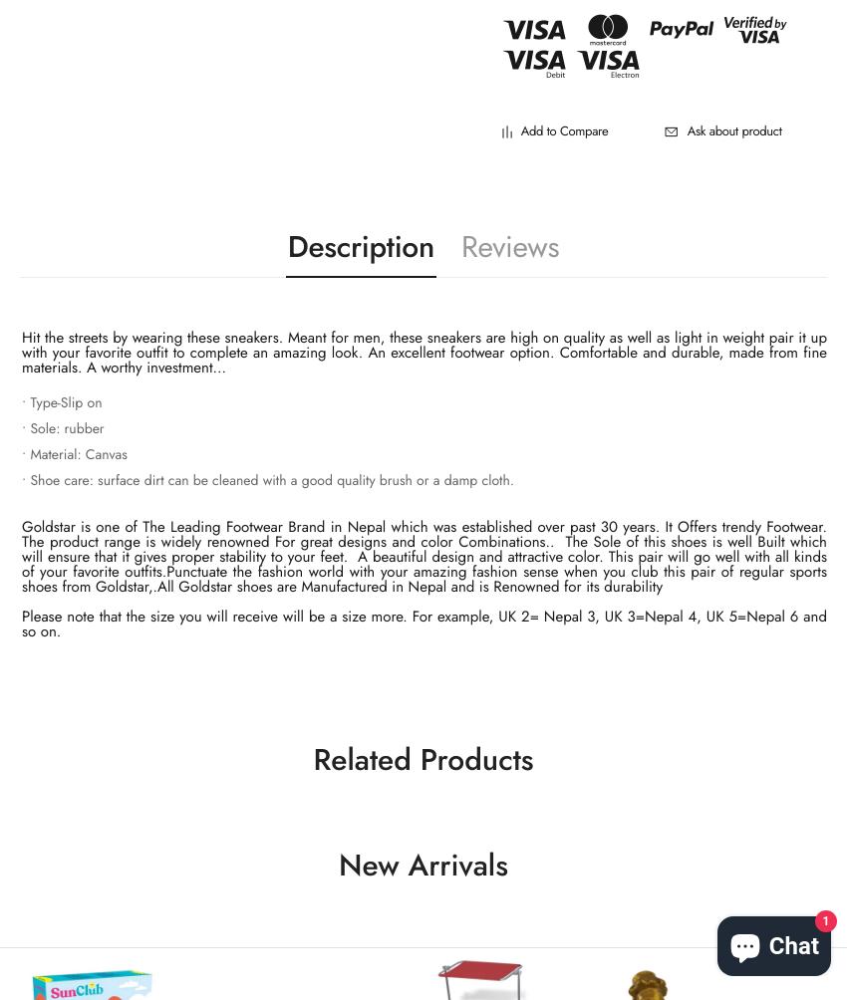 The height and width of the screenshot is (1000, 847). What do you see at coordinates (312, 760) in the screenshot?
I see `'Related Products'` at bounding box center [312, 760].